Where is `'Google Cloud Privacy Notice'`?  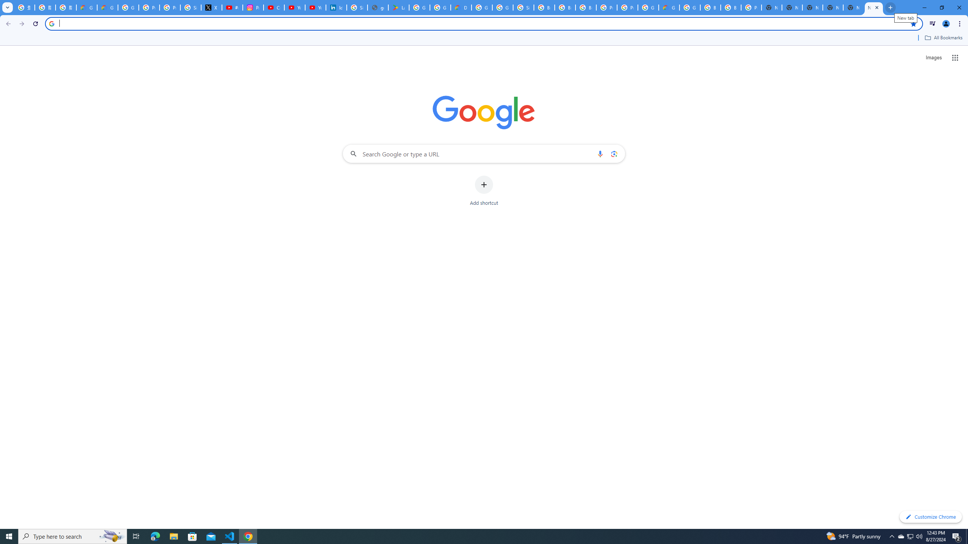
'Google Cloud Privacy Notice' is located at coordinates (107, 7).